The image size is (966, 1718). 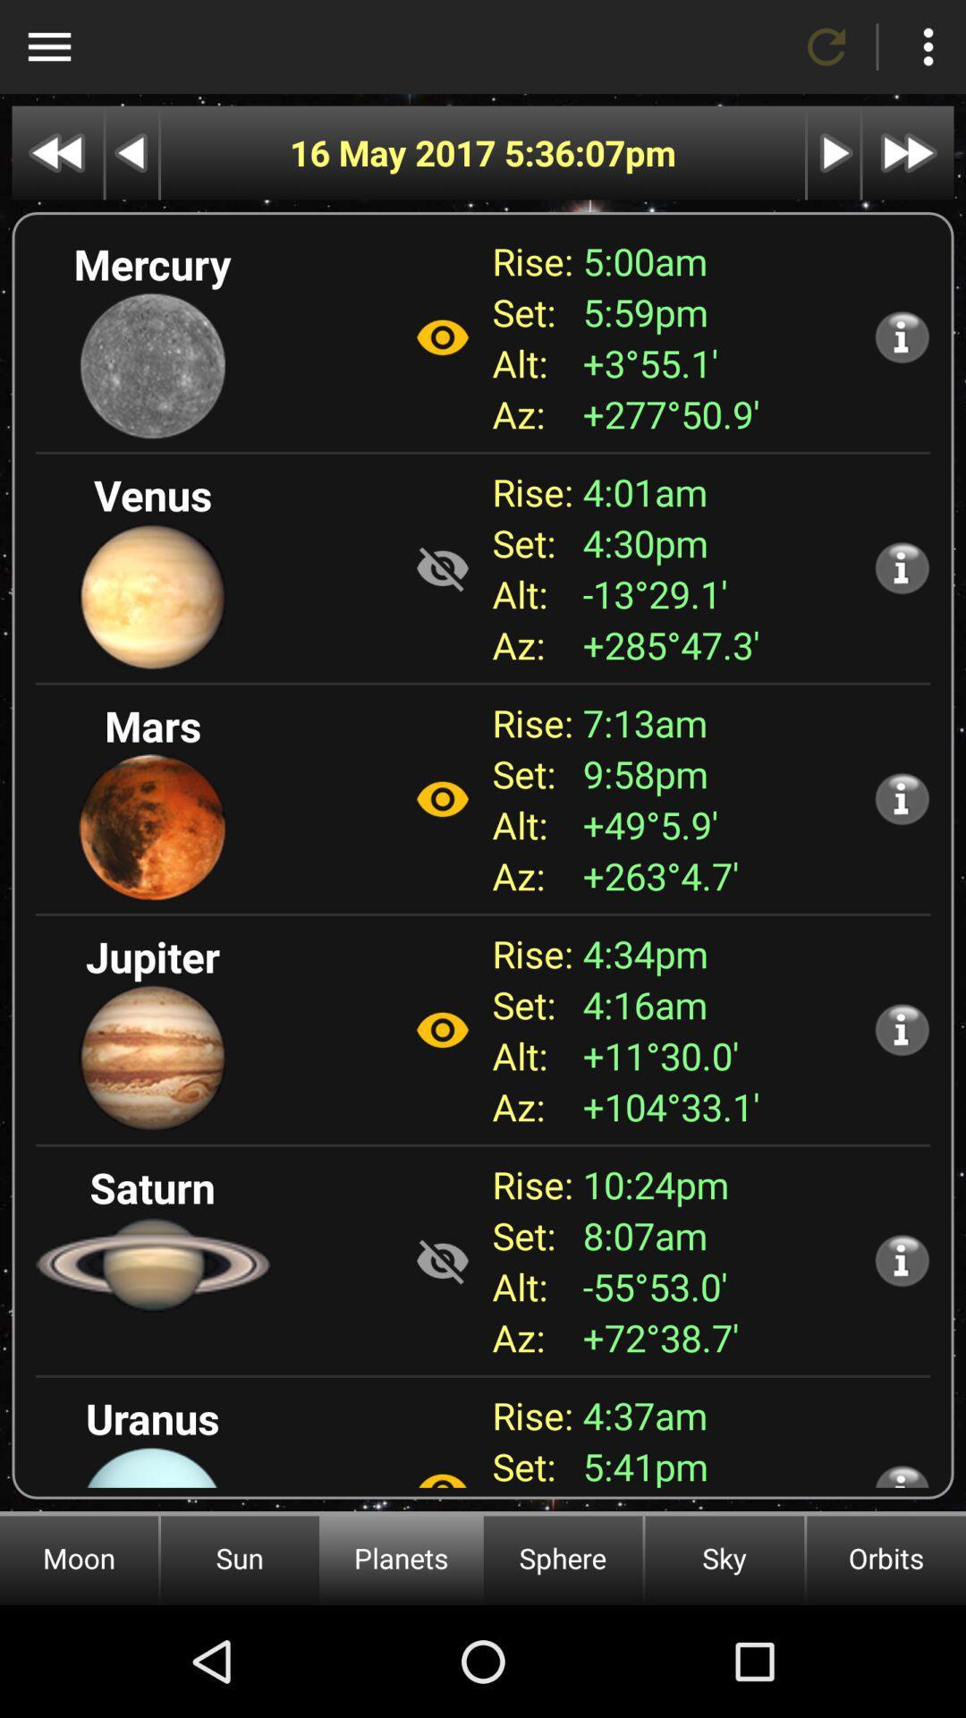 I want to click on more information, so click(x=902, y=336).